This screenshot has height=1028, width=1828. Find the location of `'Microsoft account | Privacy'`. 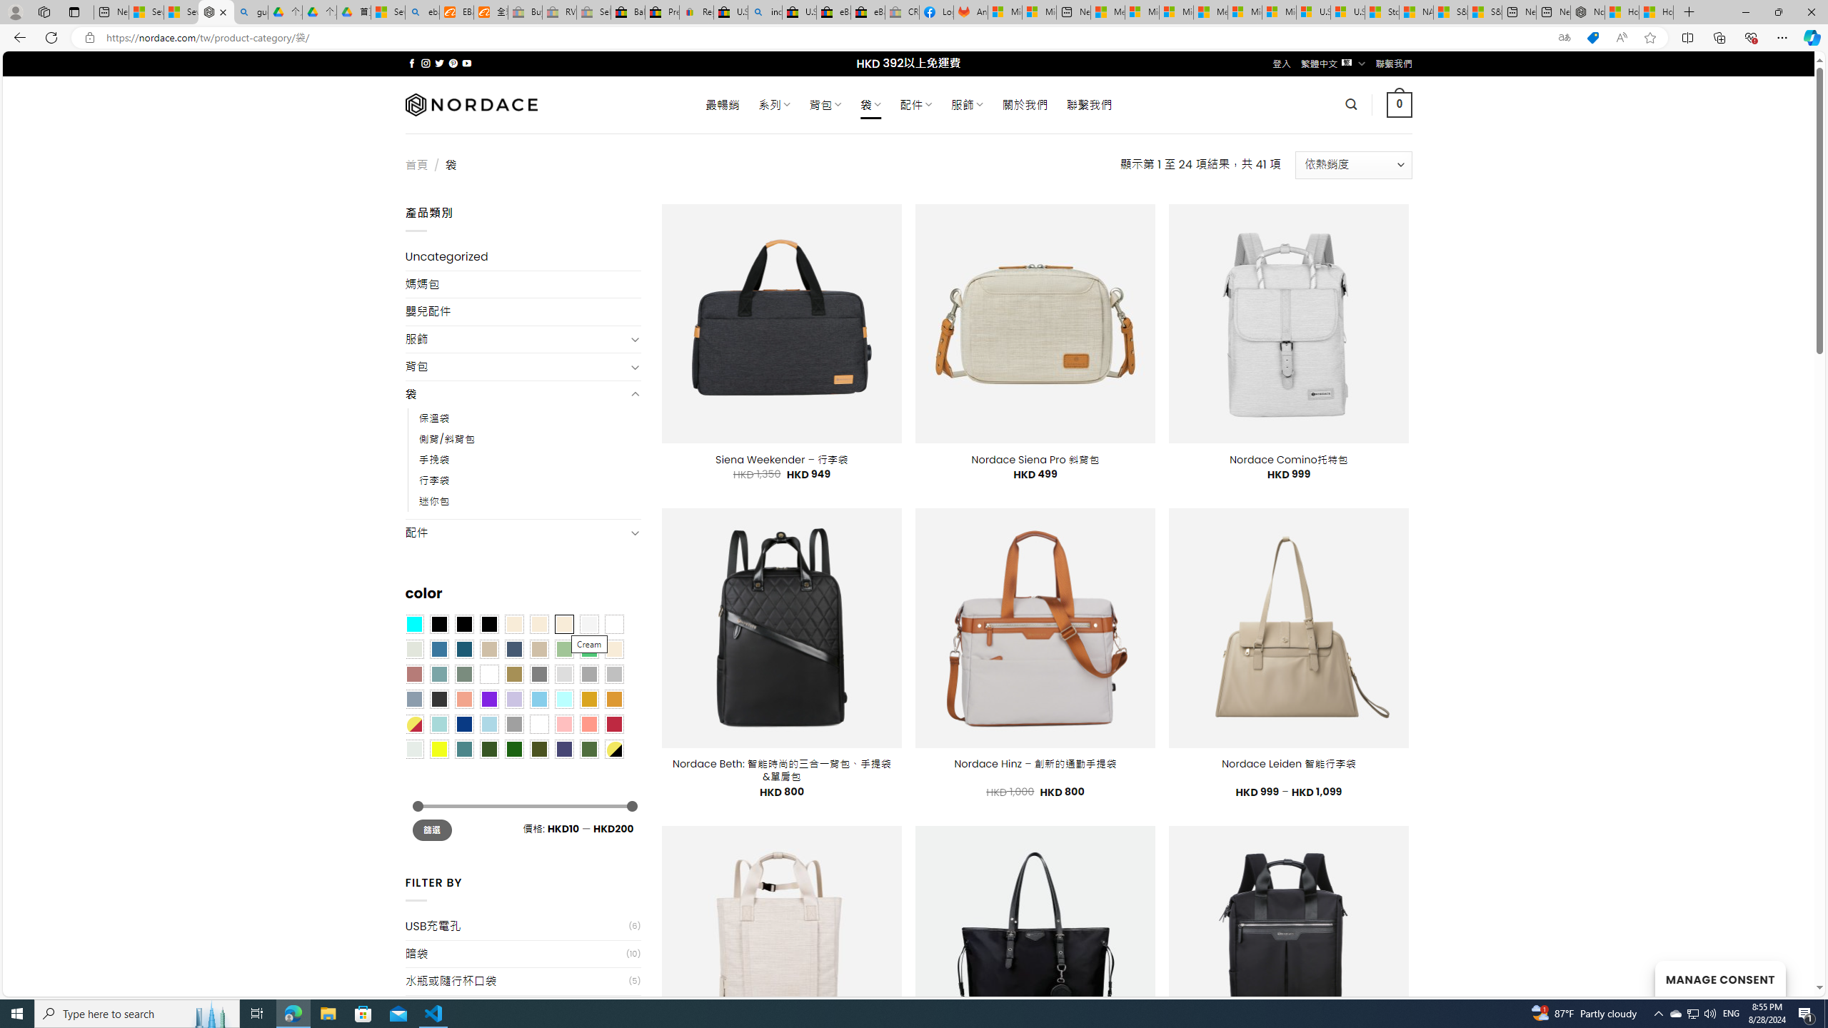

'Microsoft account | Privacy' is located at coordinates (1142, 11).